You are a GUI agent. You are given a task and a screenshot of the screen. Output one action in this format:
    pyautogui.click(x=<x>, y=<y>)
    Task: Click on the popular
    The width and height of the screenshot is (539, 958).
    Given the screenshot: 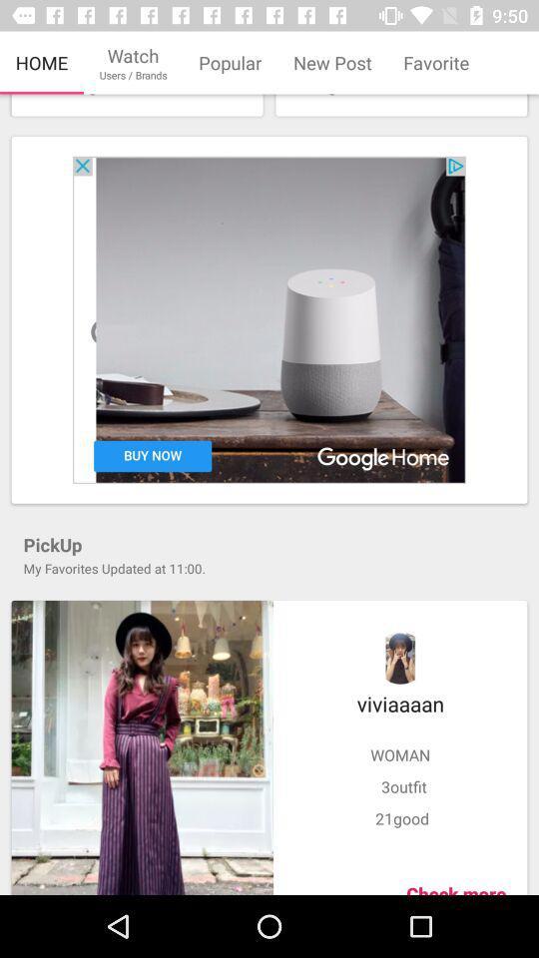 What is the action you would take?
    pyautogui.click(x=229, y=63)
    